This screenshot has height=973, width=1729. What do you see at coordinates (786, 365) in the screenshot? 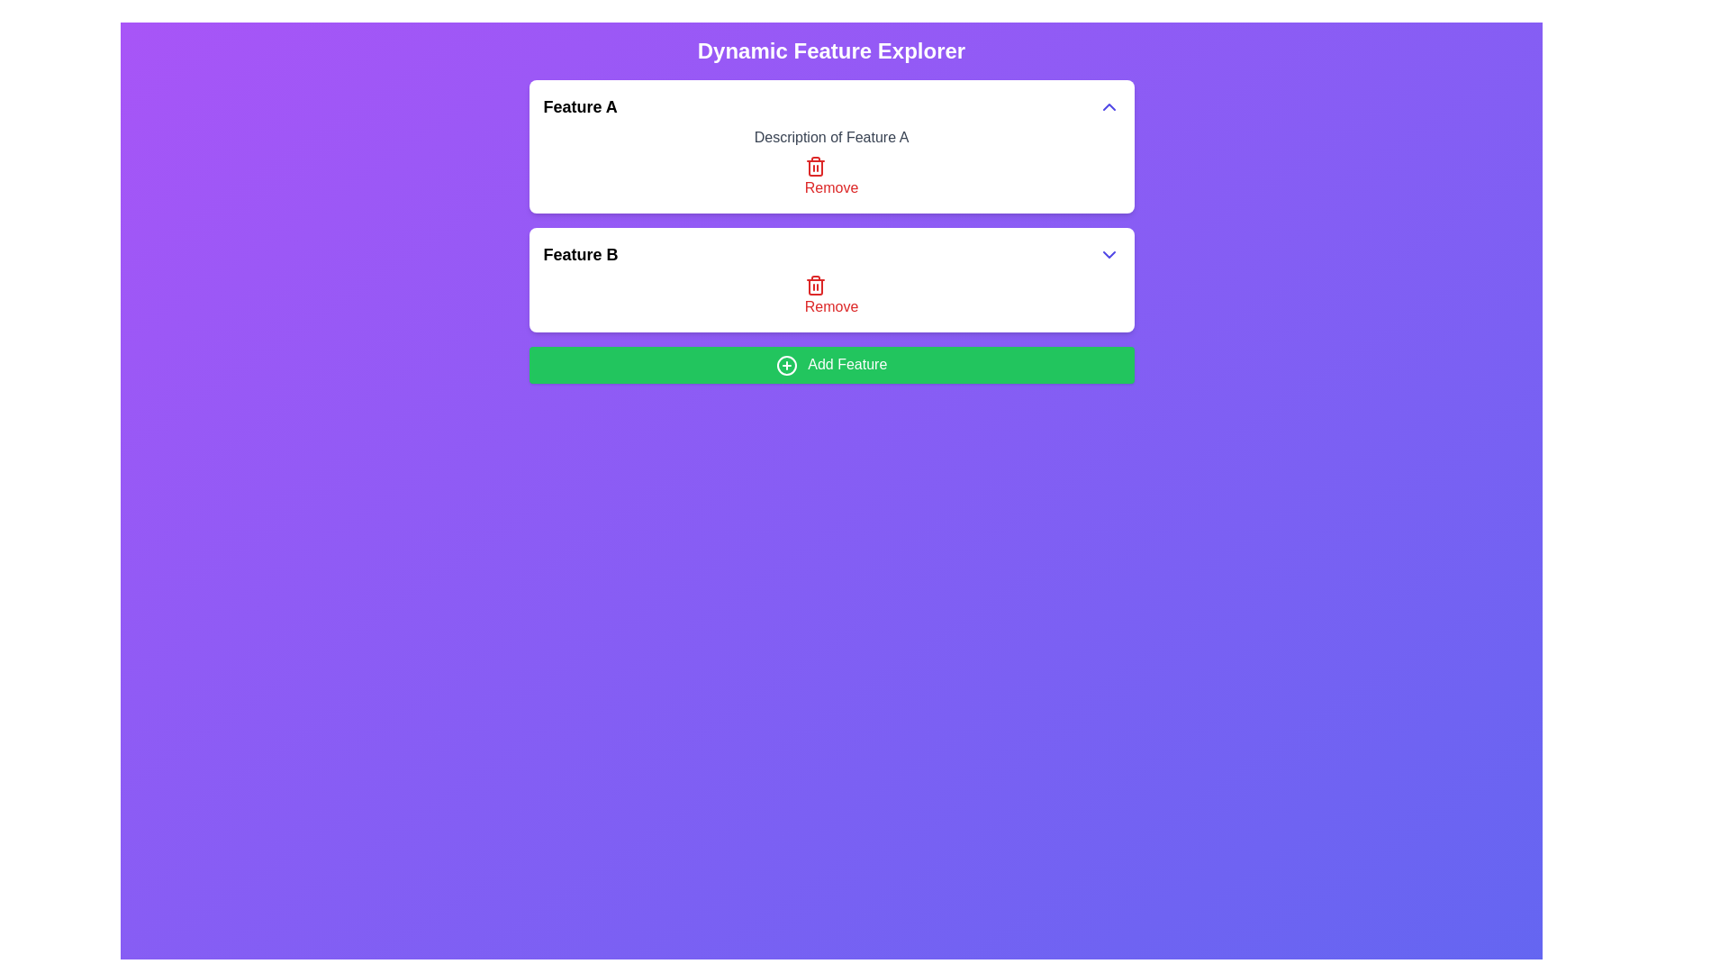
I see `the graphical icon located to the left of the text in the green button labeled 'Add Feature' near the bottom center of the interface` at bounding box center [786, 365].